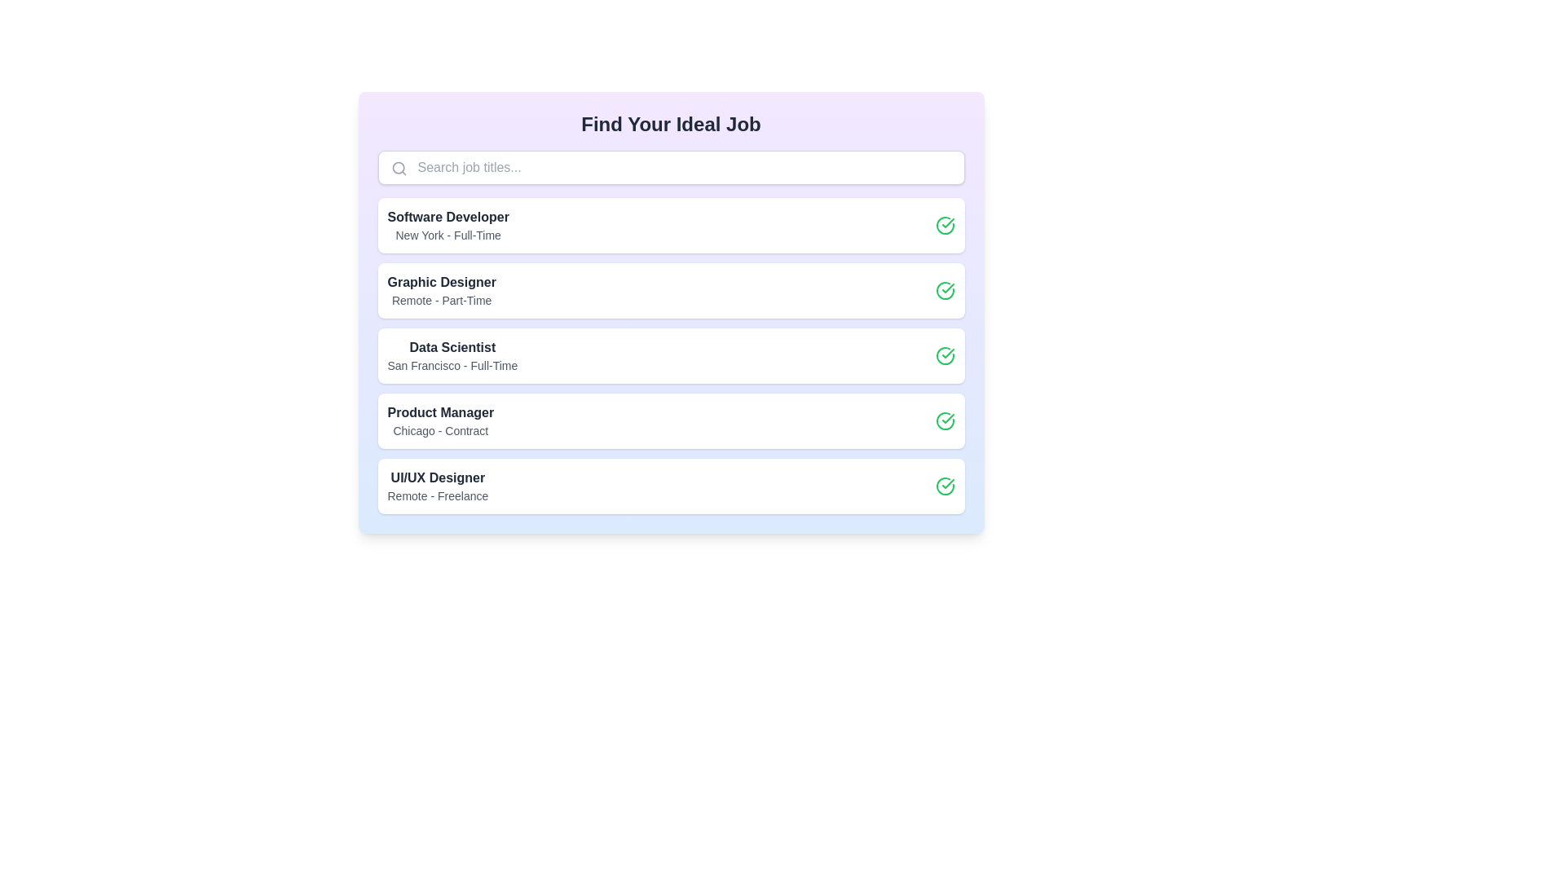 This screenshot has width=1565, height=880. What do you see at coordinates (448, 216) in the screenshot?
I see `text of the job title label located at the top of the job listing card, which is positioned above the description 'New York - Full-Time'` at bounding box center [448, 216].